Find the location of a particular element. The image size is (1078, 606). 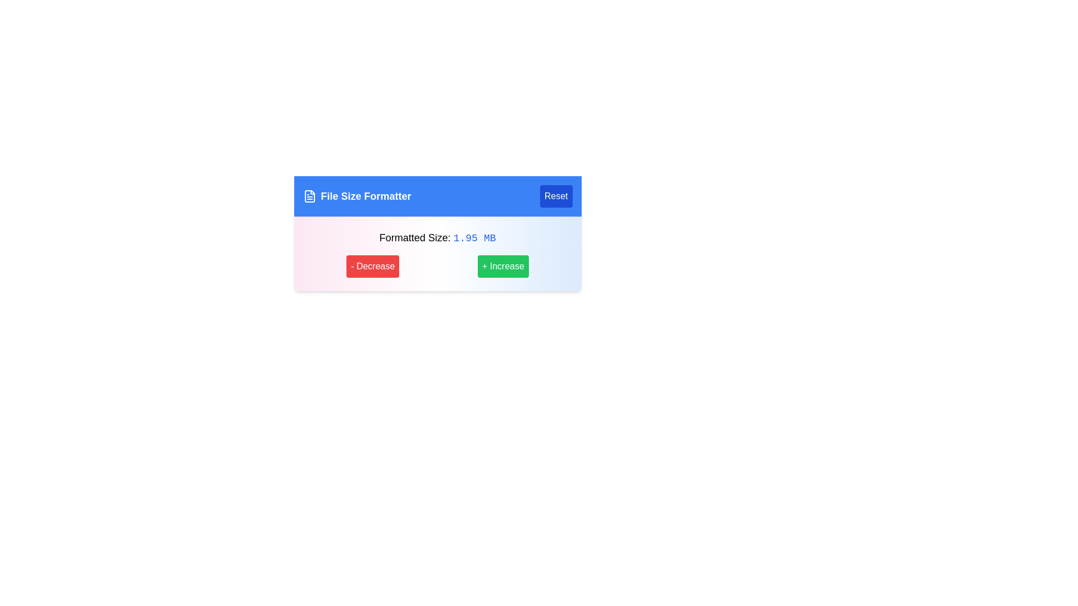

the leading icon in the application header region that symbolizes a file or document, which is aligned horizontally with the 'File Size Formatter' label is located at coordinates (309, 196).